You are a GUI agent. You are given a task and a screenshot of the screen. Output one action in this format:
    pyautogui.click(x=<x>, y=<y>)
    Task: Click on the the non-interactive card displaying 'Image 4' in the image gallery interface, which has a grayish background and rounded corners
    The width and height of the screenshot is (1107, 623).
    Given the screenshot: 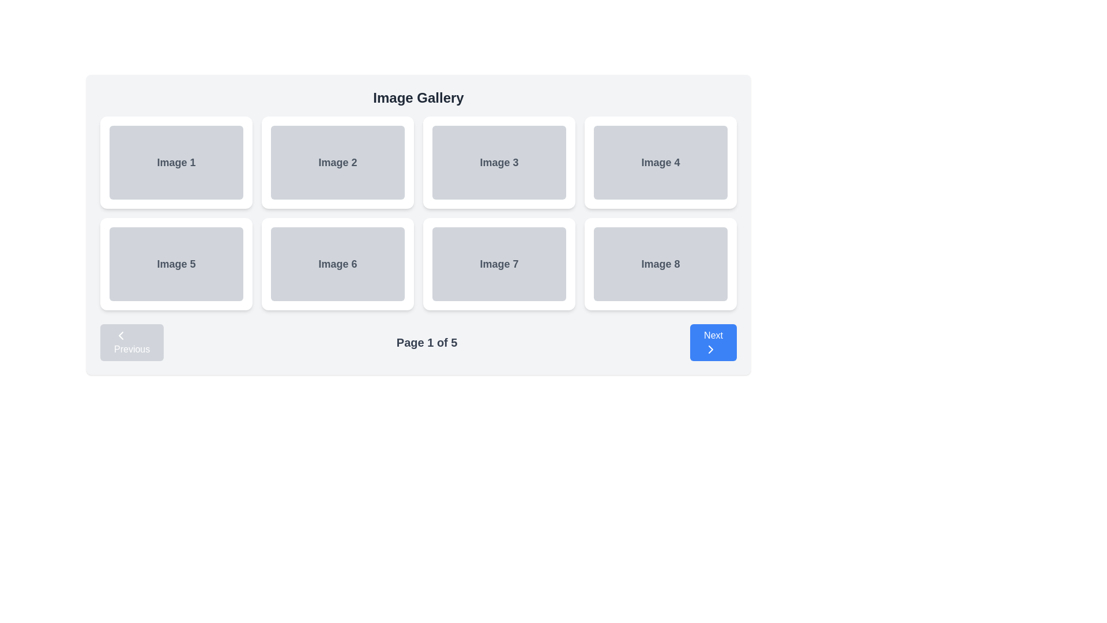 What is the action you would take?
    pyautogui.click(x=661, y=162)
    